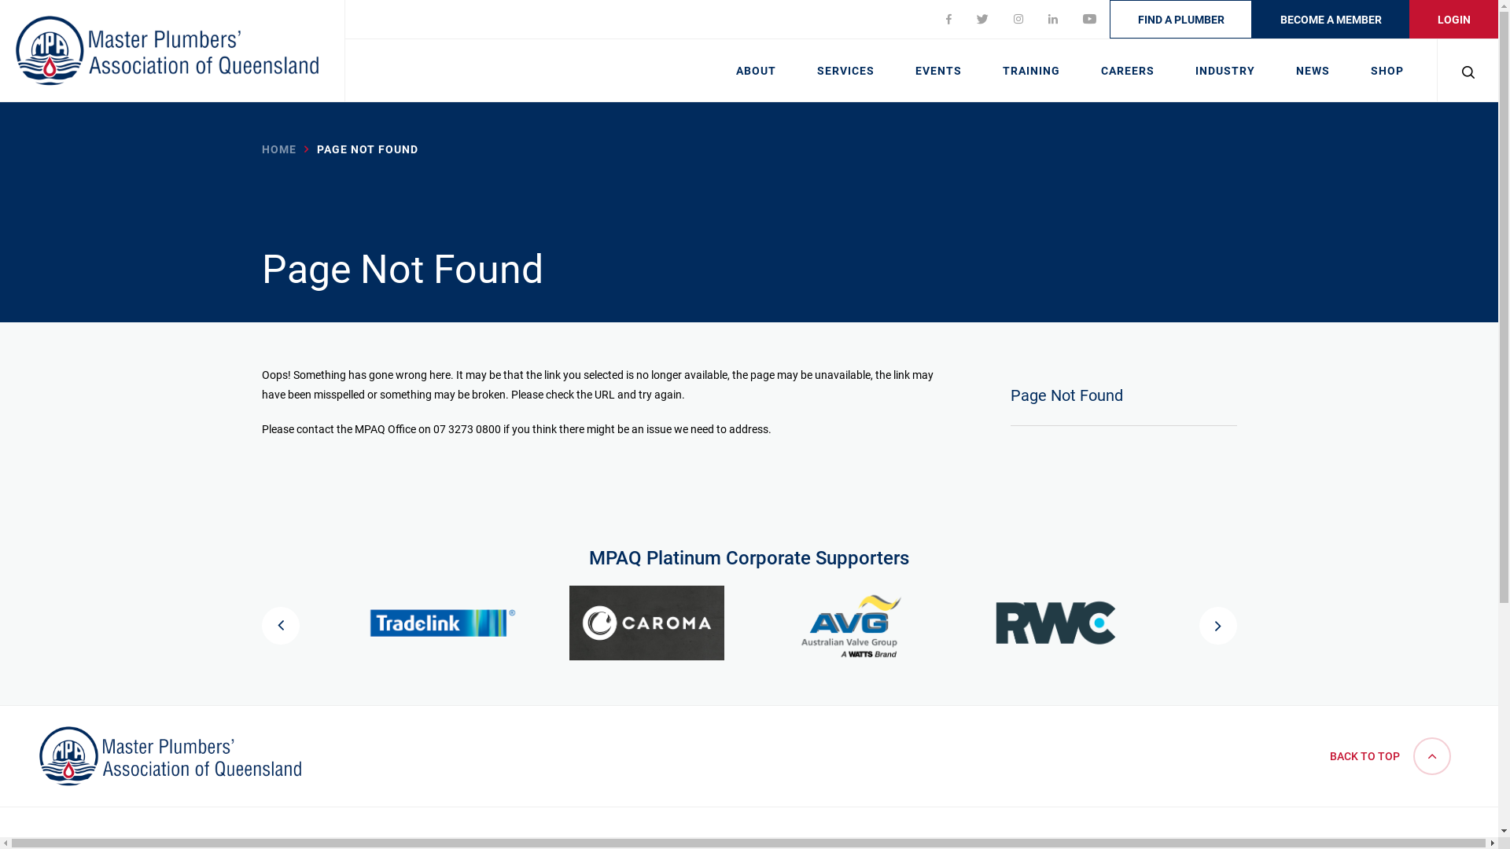 This screenshot has height=849, width=1510. I want to click on 'LOGIN', so click(1409, 19).